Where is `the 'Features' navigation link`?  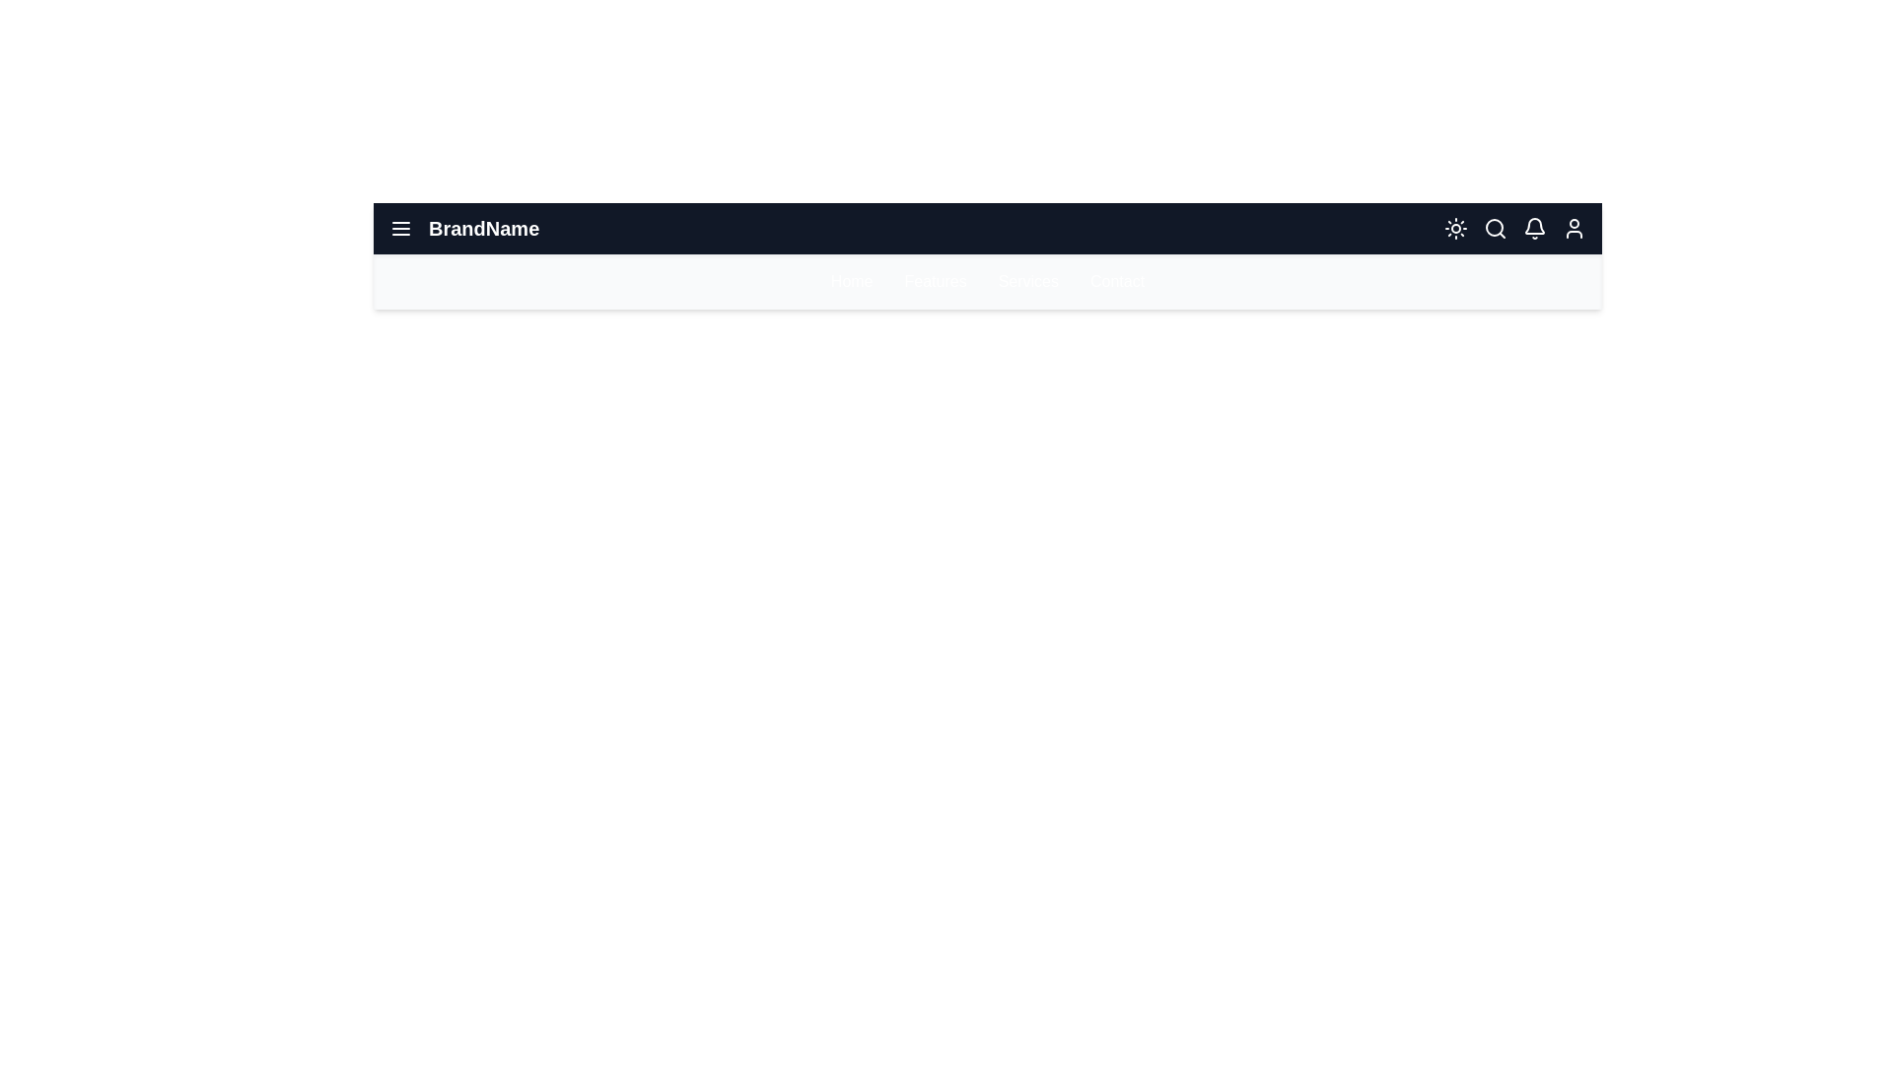 the 'Features' navigation link is located at coordinates (935, 281).